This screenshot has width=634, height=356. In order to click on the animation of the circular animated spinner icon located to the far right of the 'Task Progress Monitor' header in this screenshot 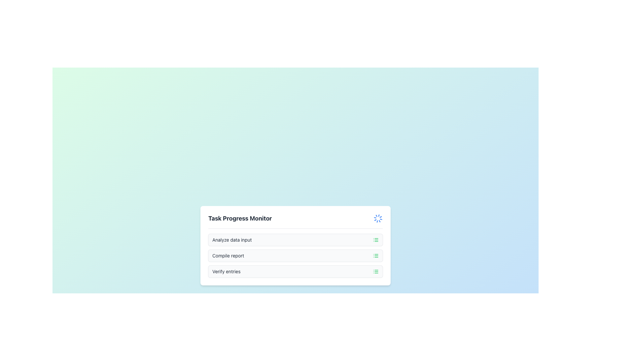, I will do `click(378, 218)`.